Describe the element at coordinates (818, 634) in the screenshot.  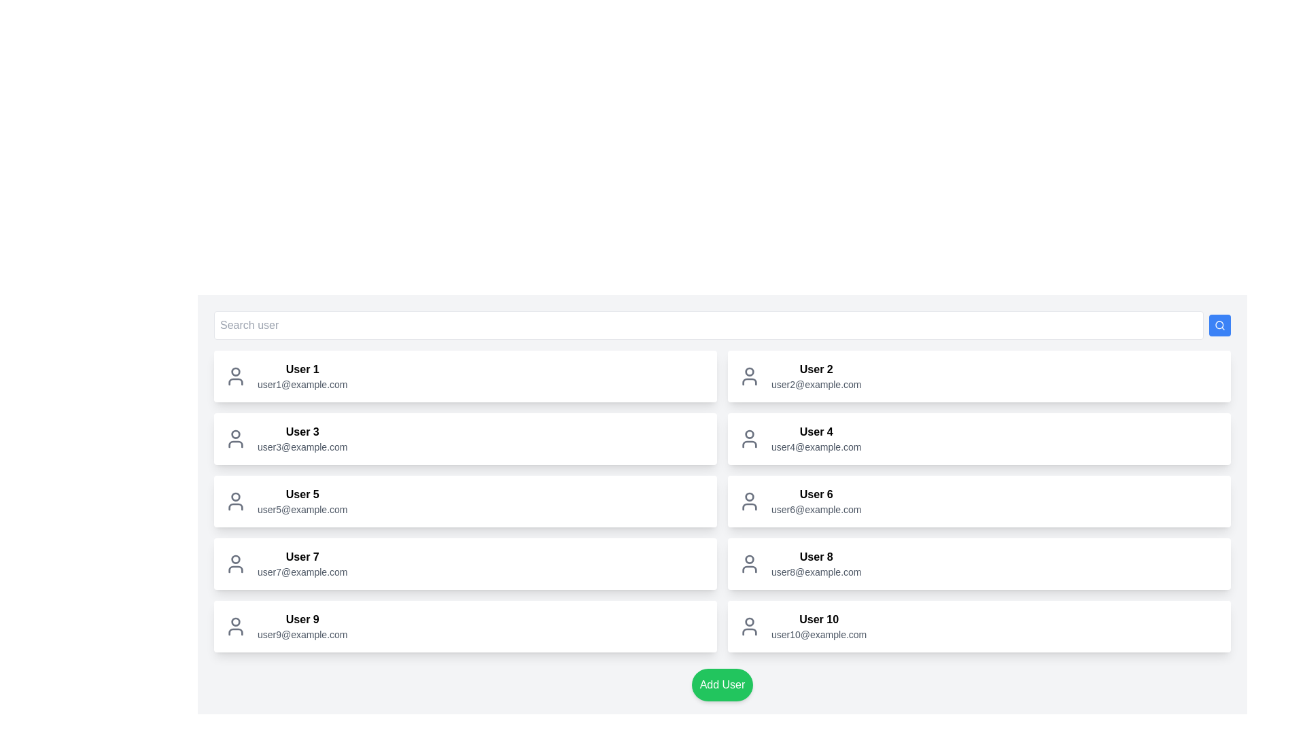
I see `the static text displaying 'user10@example.com', which is styled in gray and located beneath the bold 'User 10' text in the last item of a vertical list` at that location.